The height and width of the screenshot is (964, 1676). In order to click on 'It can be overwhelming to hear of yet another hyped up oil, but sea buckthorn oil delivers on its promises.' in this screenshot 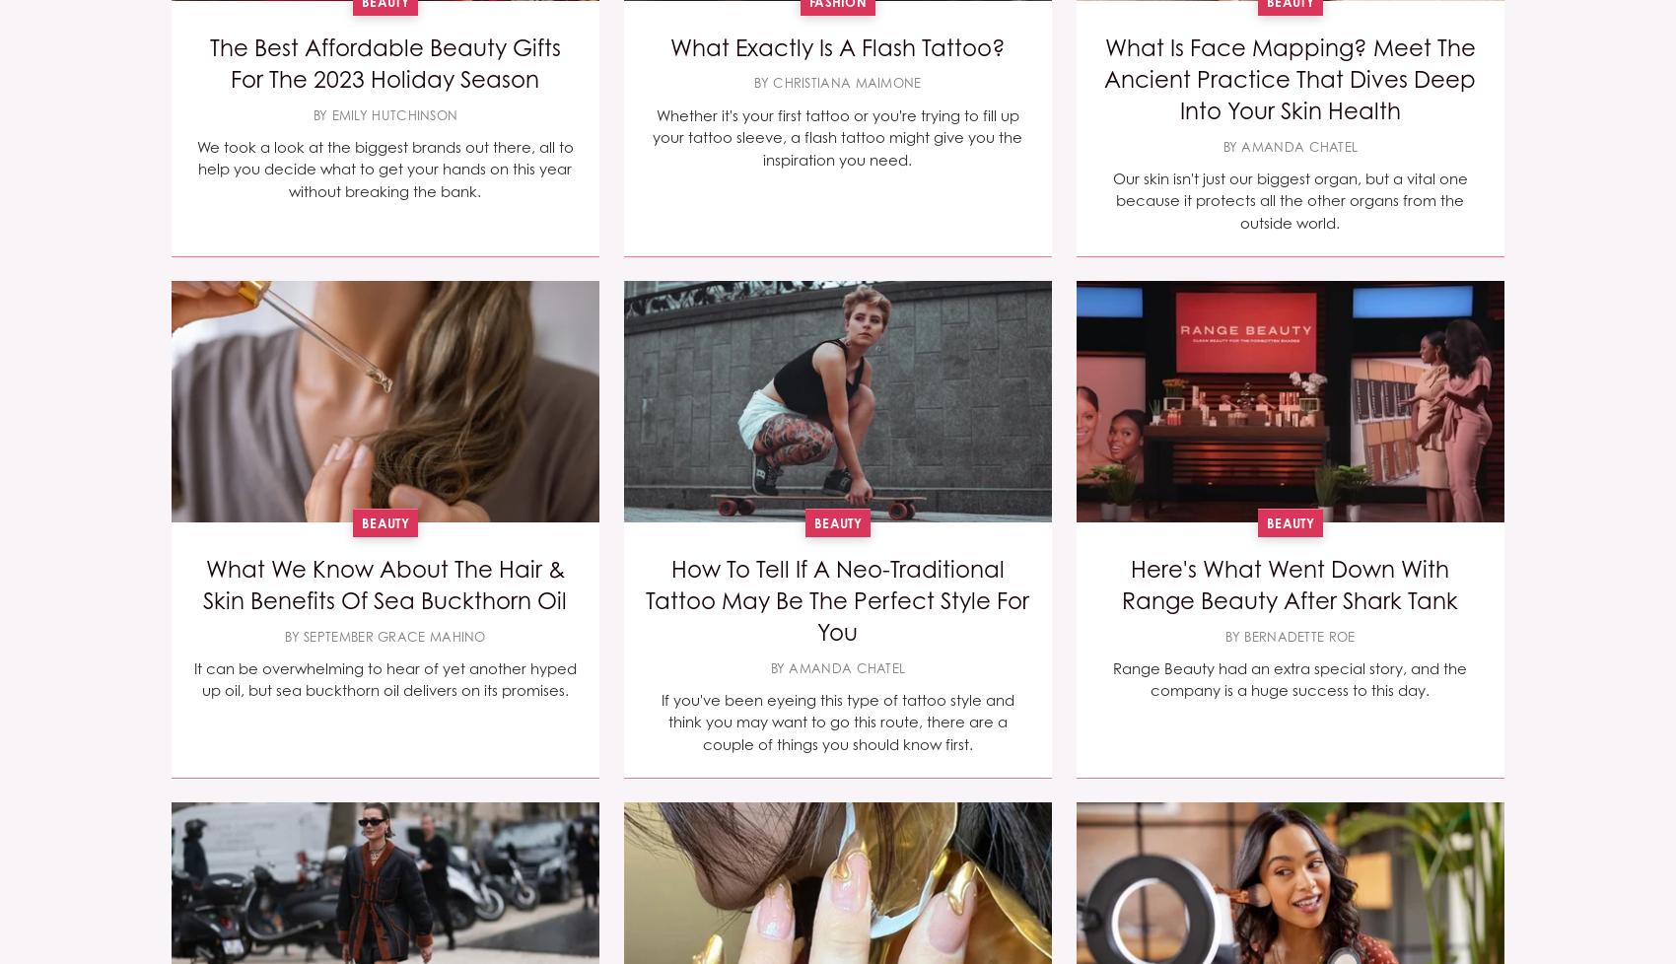, I will do `click(192, 679)`.